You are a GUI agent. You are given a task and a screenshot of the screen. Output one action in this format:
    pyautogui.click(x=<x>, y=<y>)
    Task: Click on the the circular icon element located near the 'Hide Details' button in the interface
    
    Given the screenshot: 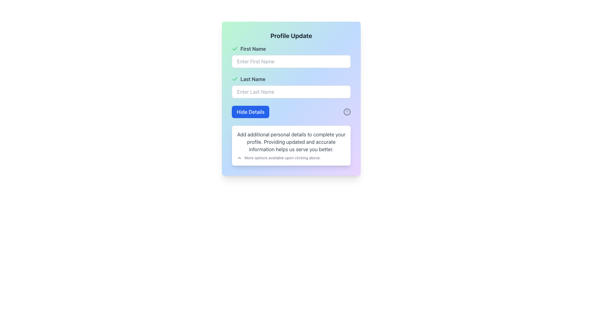 What is the action you would take?
    pyautogui.click(x=346, y=112)
    